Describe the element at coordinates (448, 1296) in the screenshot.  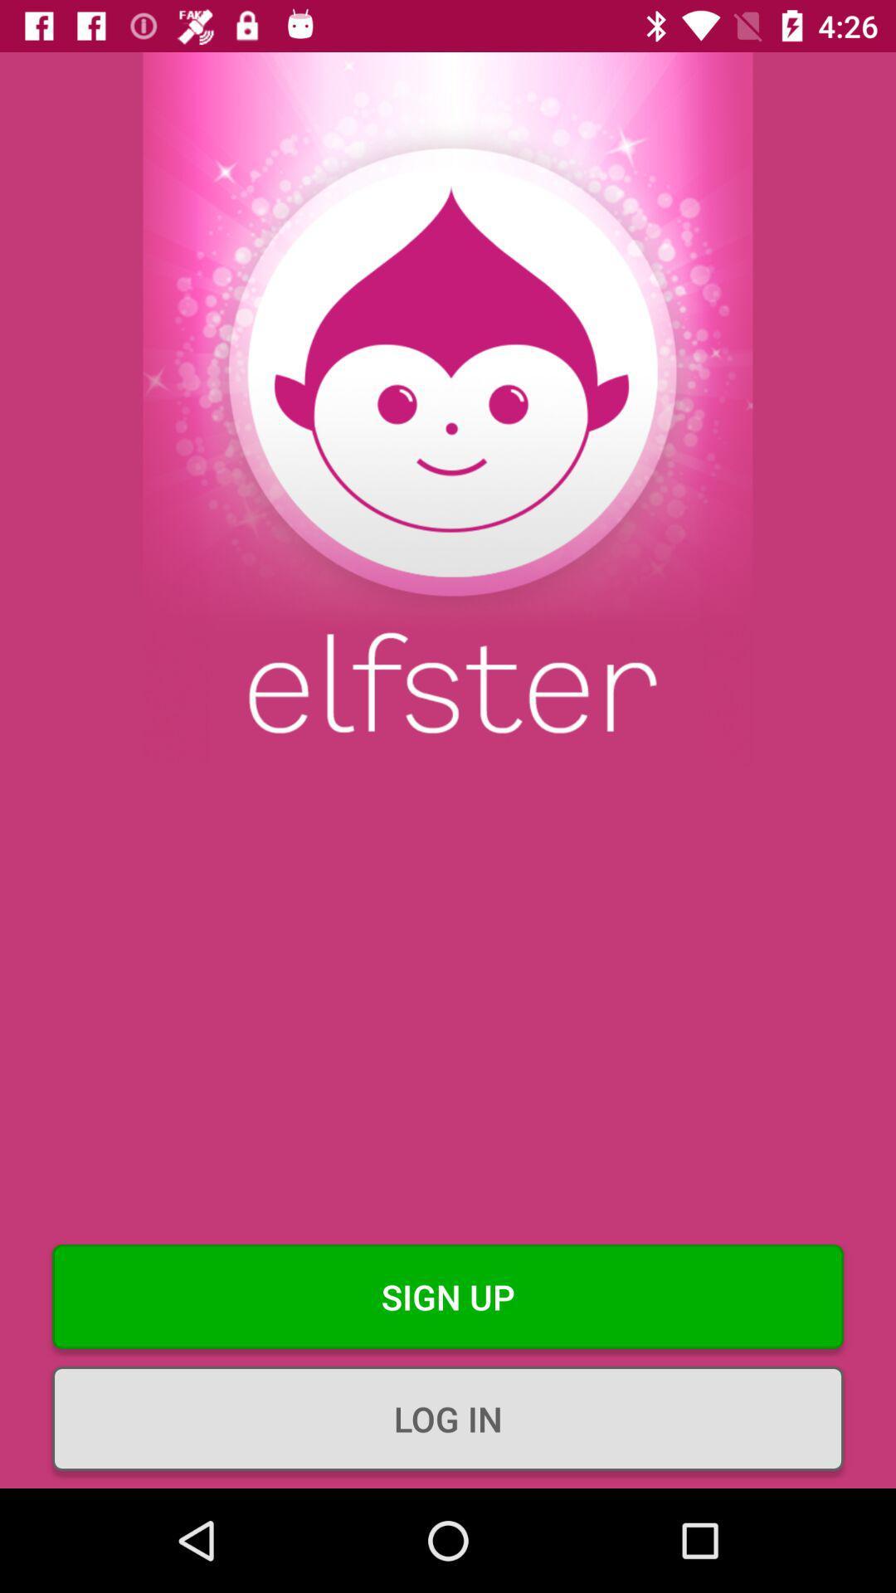
I see `sign up item` at that location.